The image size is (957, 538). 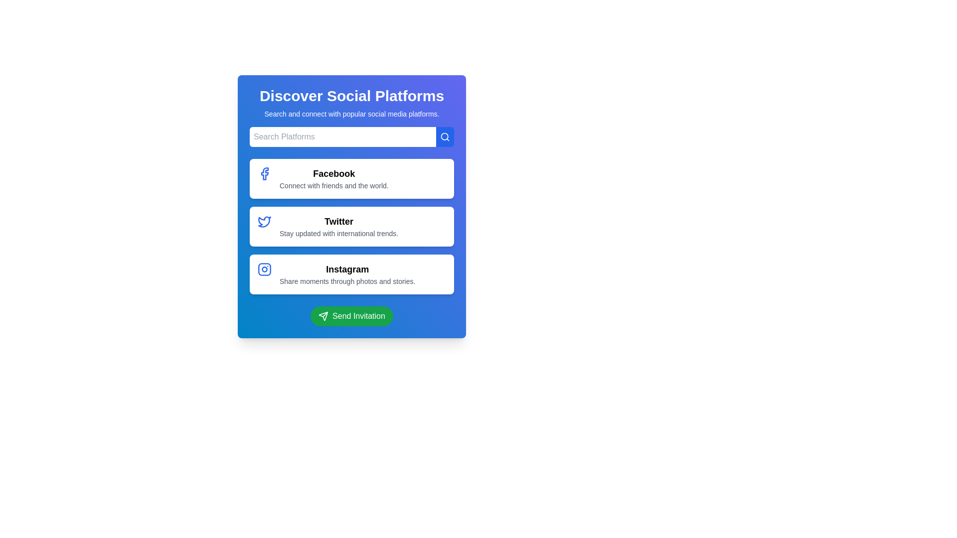 What do you see at coordinates (265, 221) in the screenshot?
I see `the Twitter bird icon located within the second button of the vertical menu, which is adjacent to the 'Twitter' text label` at bounding box center [265, 221].